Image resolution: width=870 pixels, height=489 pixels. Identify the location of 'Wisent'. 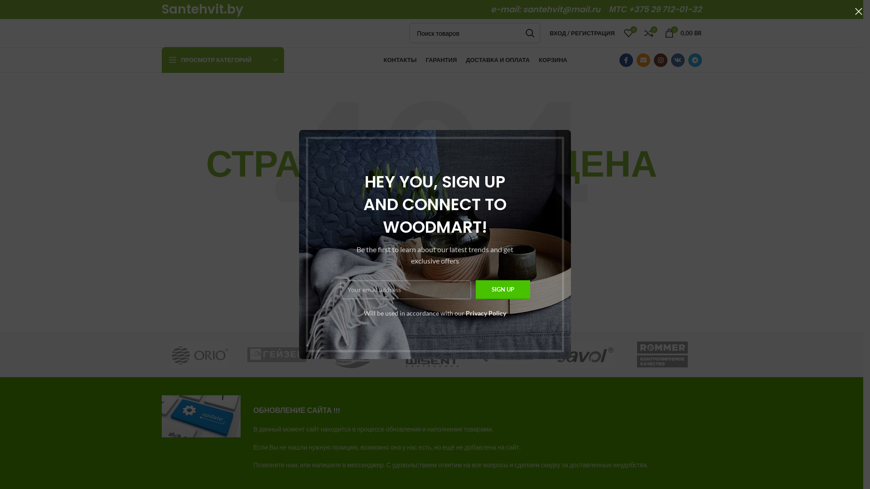
(430, 354).